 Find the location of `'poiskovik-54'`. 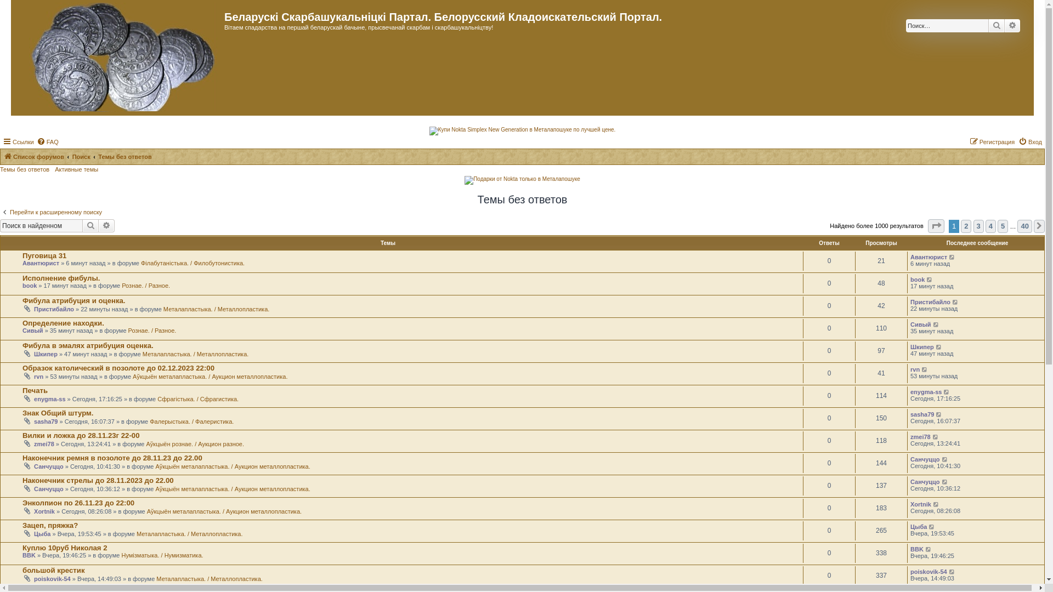

'poiskovik-54' is located at coordinates (34, 578).